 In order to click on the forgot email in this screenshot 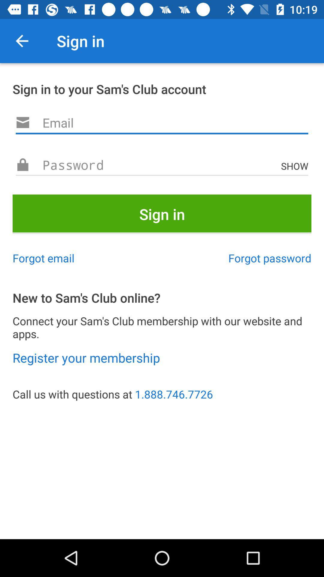, I will do `click(43, 258)`.